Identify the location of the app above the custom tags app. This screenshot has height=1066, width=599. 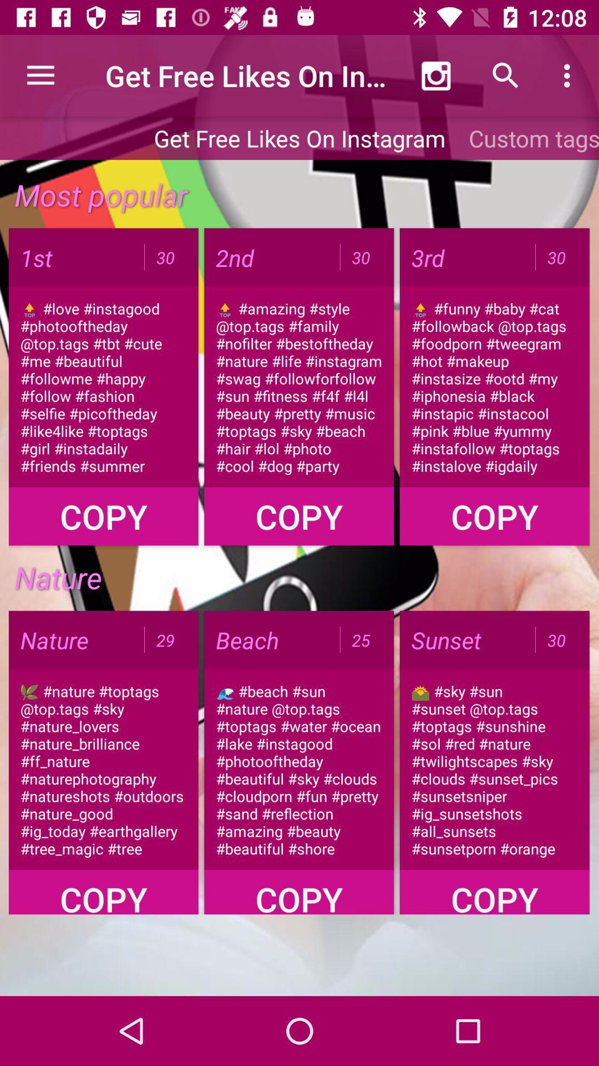
(505, 75).